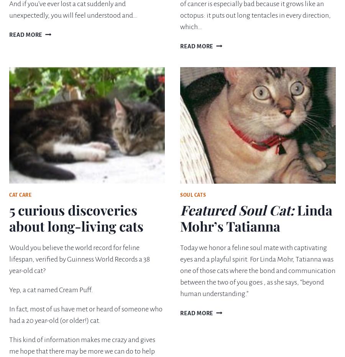 The width and height of the screenshot is (345, 357). What do you see at coordinates (192, 195) in the screenshot?
I see `'Soul Cats'` at bounding box center [192, 195].